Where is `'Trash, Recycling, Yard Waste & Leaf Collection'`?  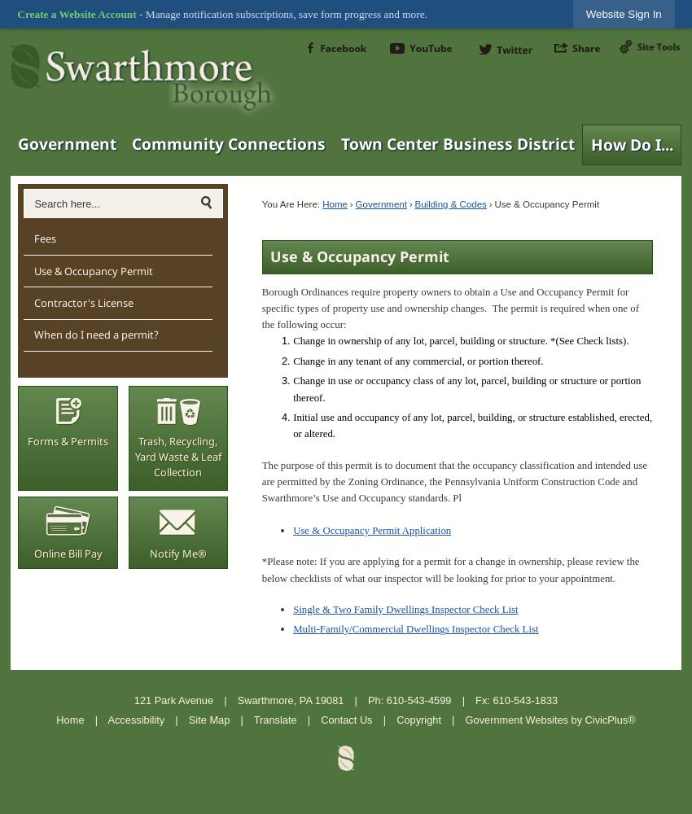
'Trash, Recycling, Yard Waste & Leaf Collection' is located at coordinates (177, 456).